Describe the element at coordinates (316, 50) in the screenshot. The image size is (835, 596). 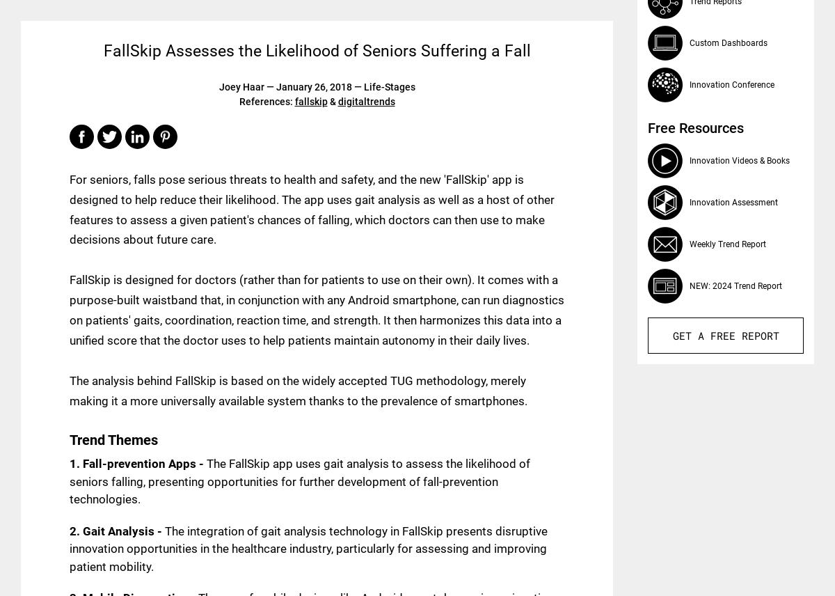
I see `'FallSkip Assesses the Likelihood of Seniors Suffering a Fall'` at that location.